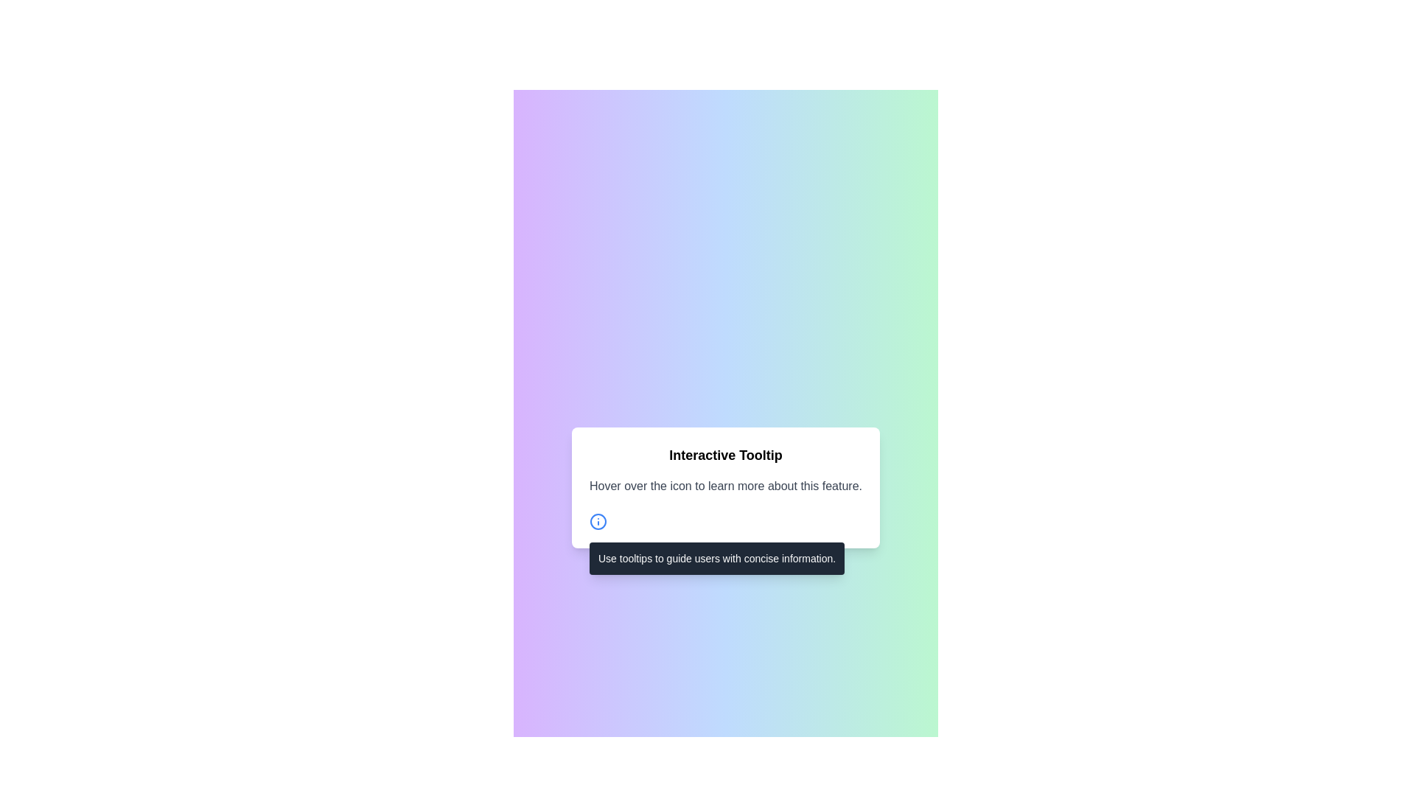 The width and height of the screenshot is (1415, 796). I want to click on the informational icon located centrally within the white card component, positioned above a tooltip and to the left of the main instructional content, so click(598, 521).